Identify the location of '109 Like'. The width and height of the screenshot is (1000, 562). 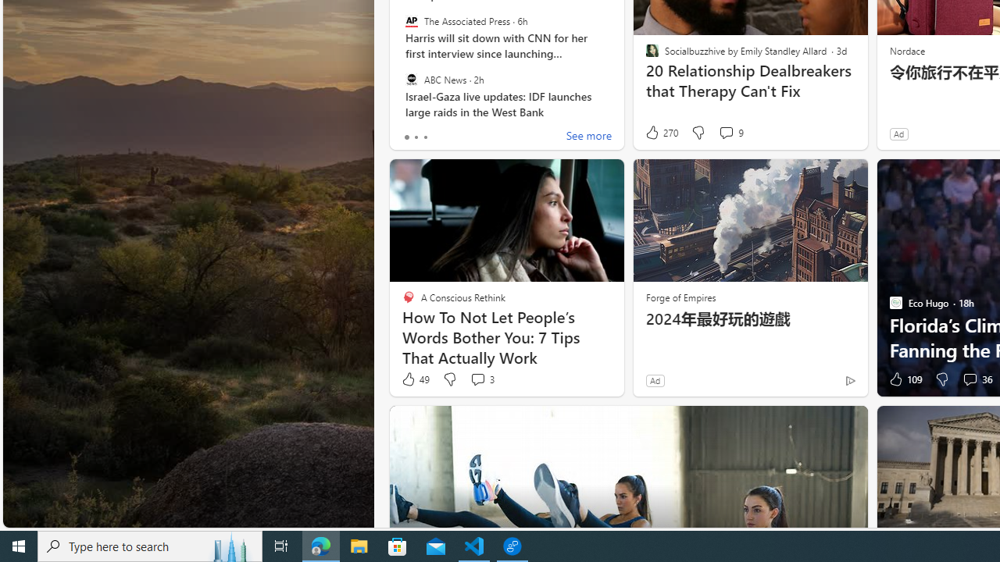
(904, 379).